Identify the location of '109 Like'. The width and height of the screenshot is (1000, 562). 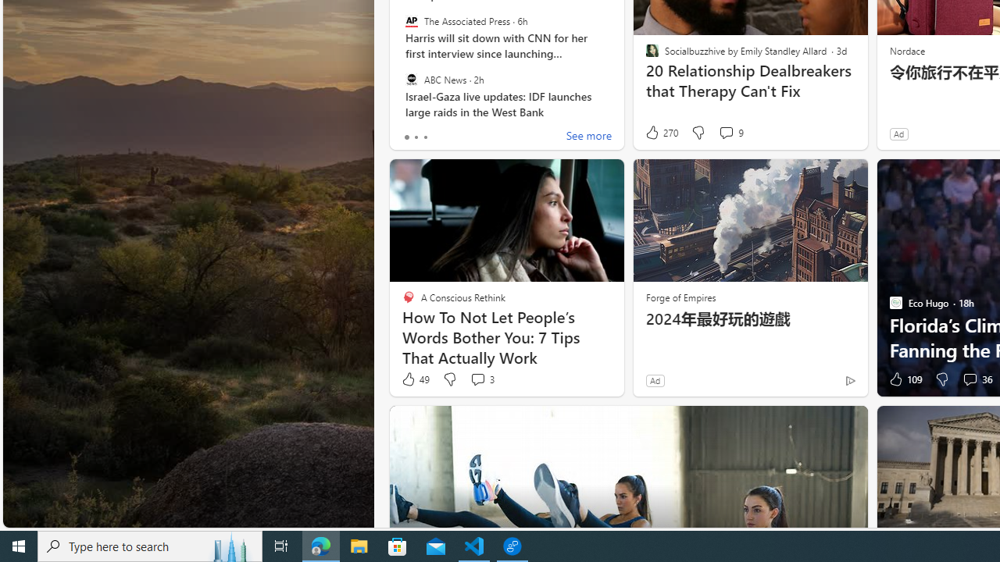
(904, 379).